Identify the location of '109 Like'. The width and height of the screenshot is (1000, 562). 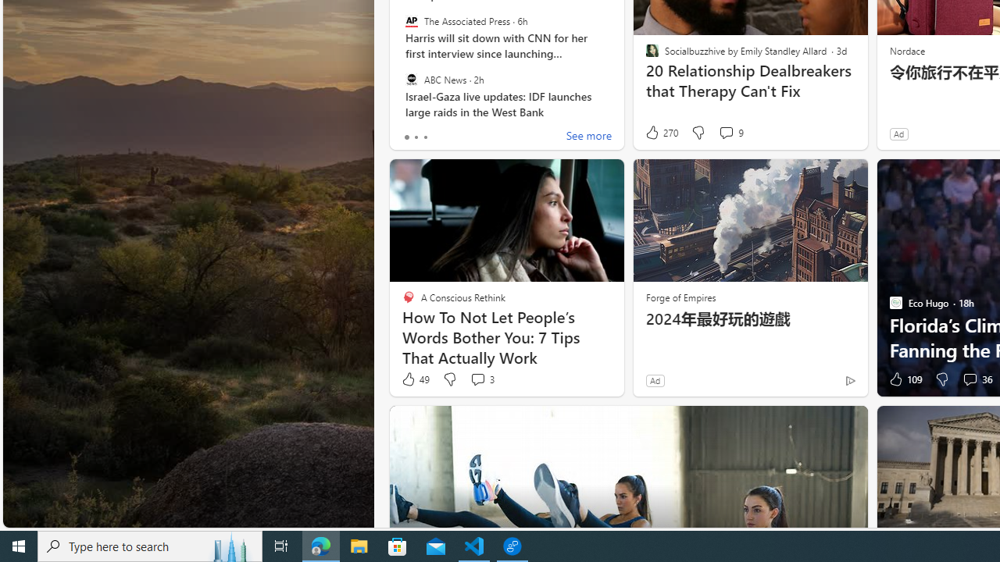
(904, 379).